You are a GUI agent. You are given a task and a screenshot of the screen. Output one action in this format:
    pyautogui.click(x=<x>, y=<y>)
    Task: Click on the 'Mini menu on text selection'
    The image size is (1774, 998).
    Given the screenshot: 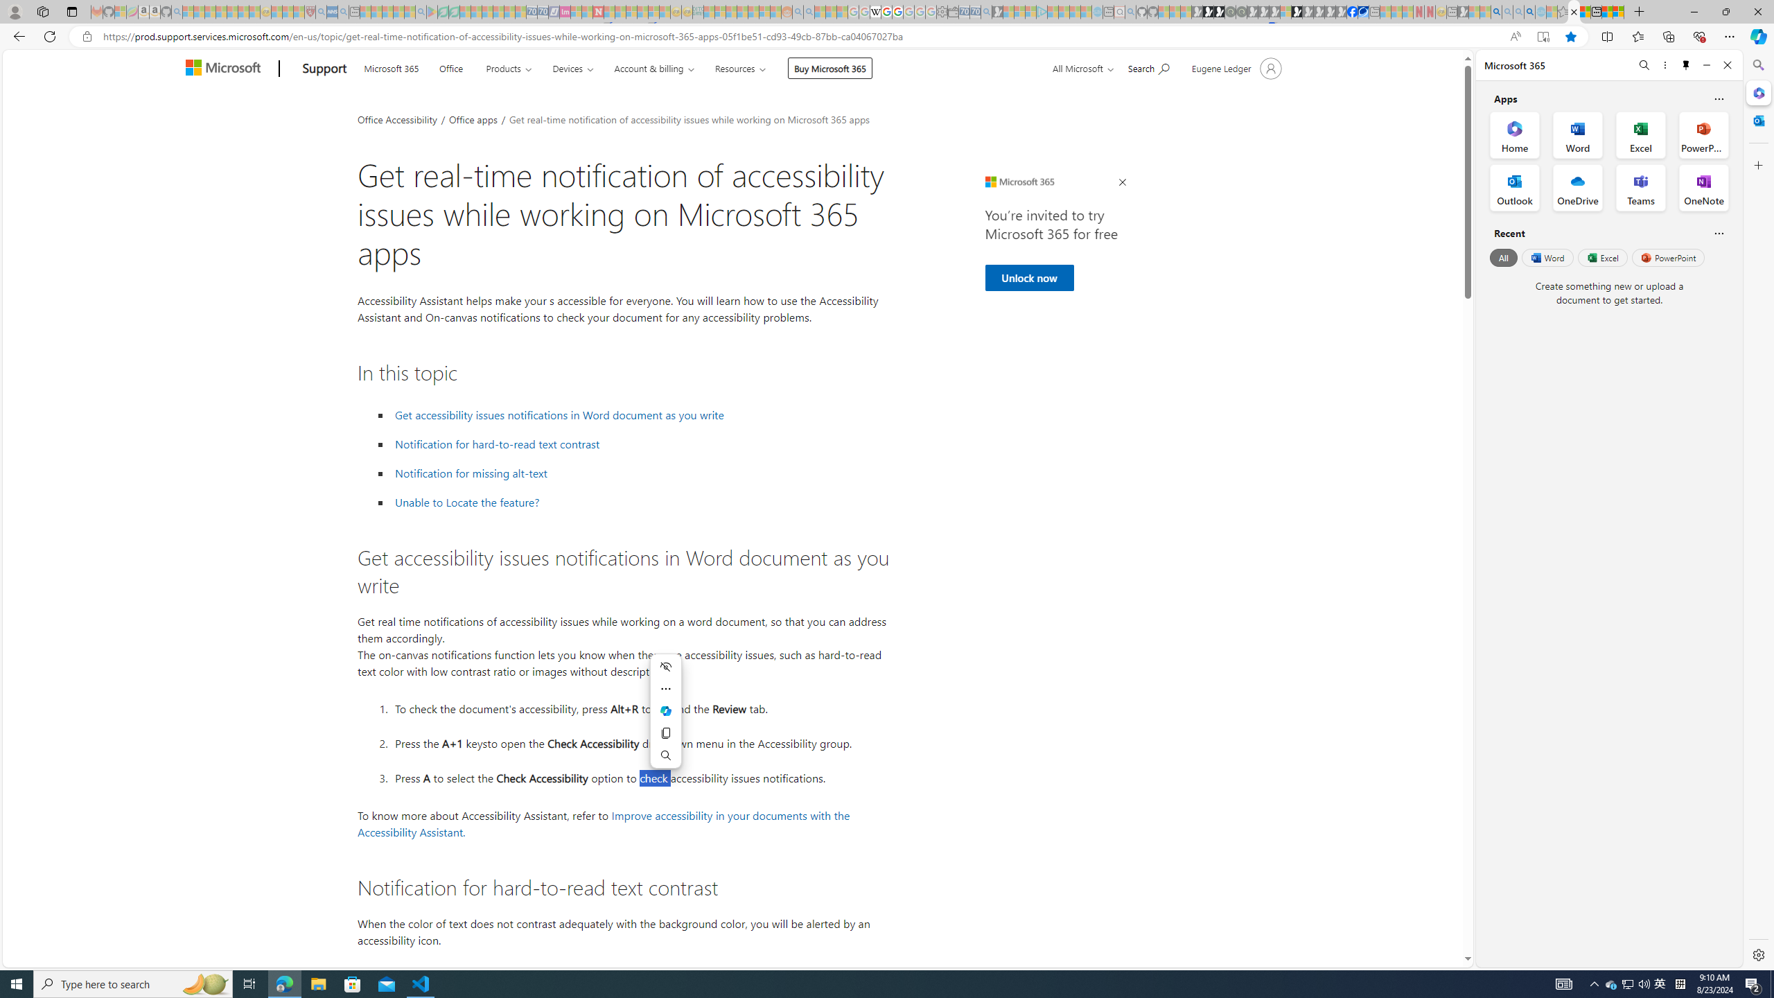 What is the action you would take?
    pyautogui.click(x=666, y=711)
    